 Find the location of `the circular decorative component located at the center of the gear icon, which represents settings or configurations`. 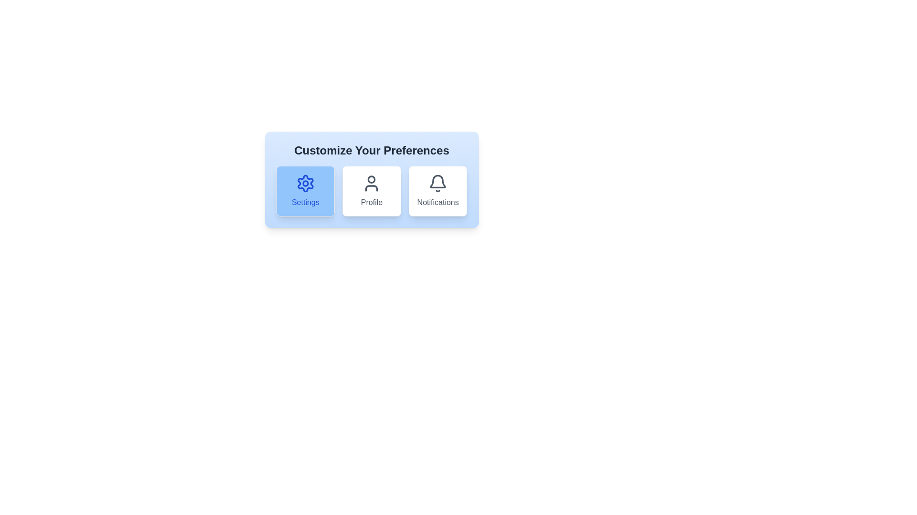

the circular decorative component located at the center of the gear icon, which represents settings or configurations is located at coordinates (305, 184).